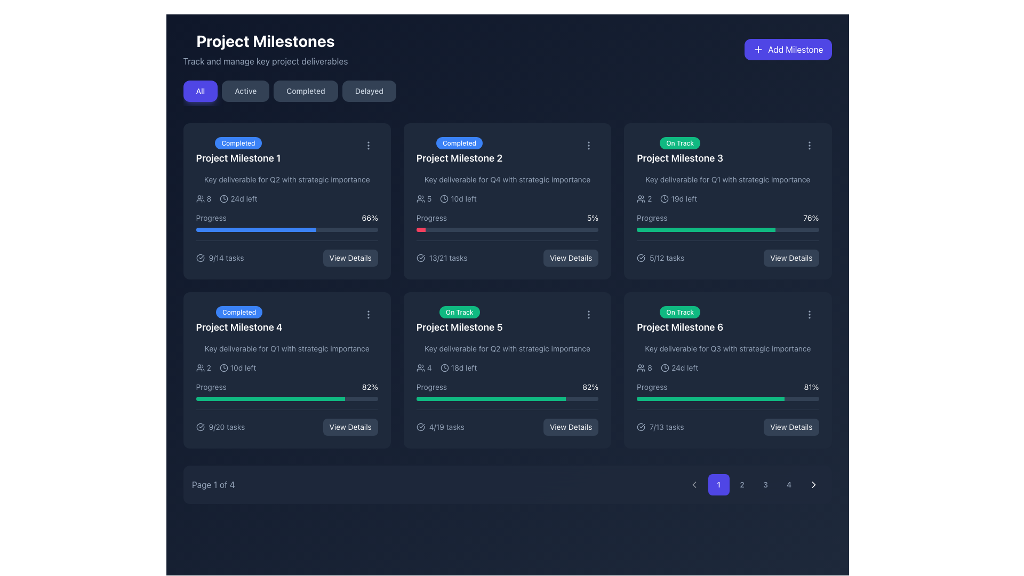 This screenshot has width=1024, height=576. I want to click on the Information label with the icon that displays '13/21 tasks' and is located within the card for 'Project Milestone 2', below the progress bar and to the left of the 'View Details' button, so click(442, 258).